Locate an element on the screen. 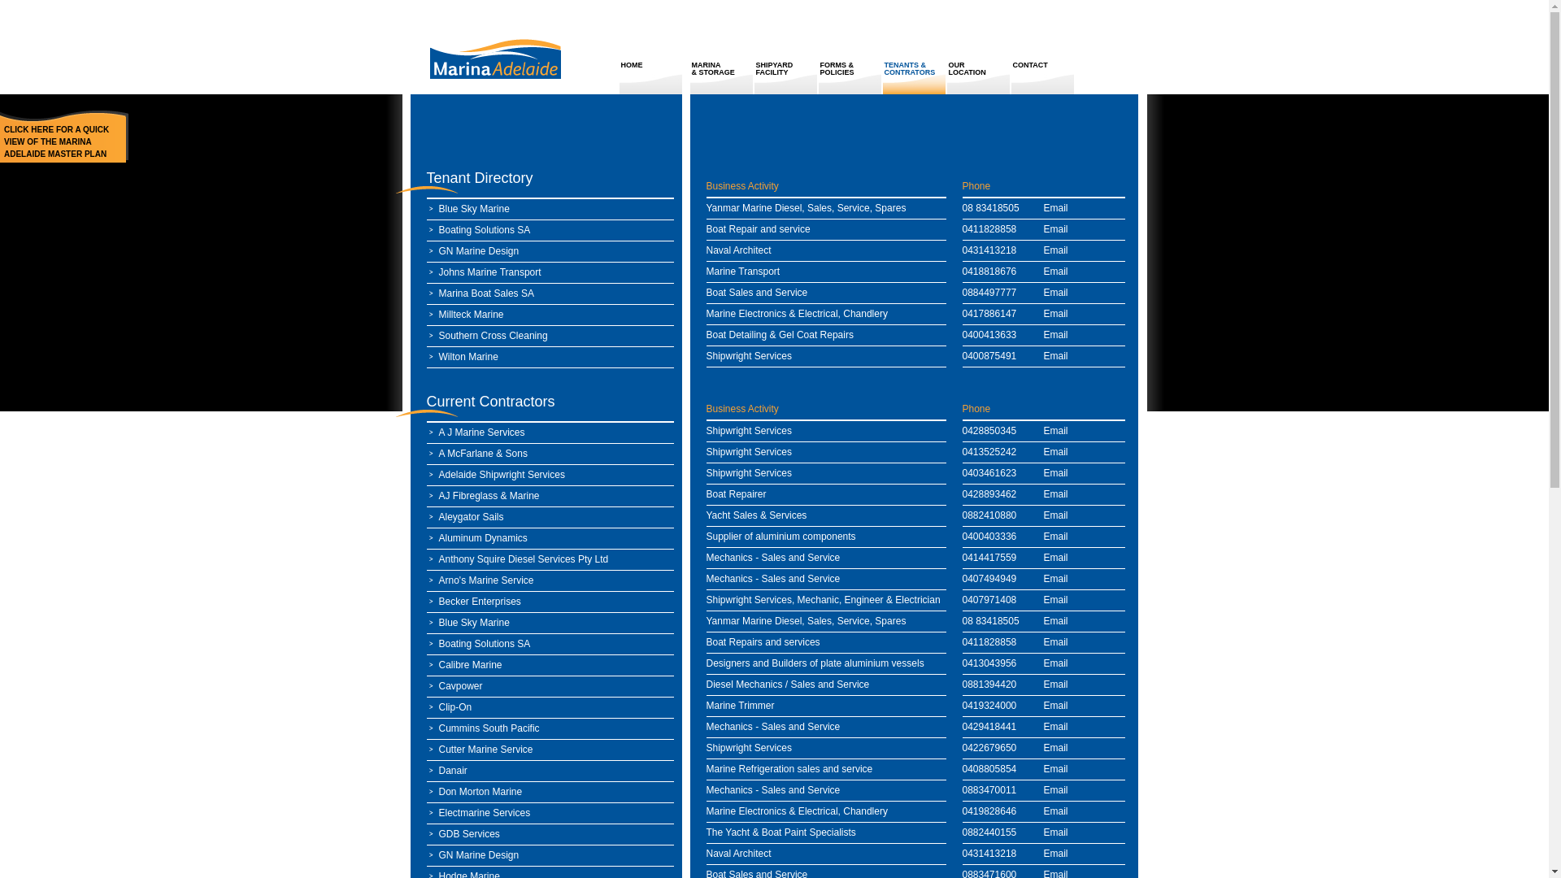 The height and width of the screenshot is (878, 1561). 'TENANTS & is located at coordinates (914, 78).